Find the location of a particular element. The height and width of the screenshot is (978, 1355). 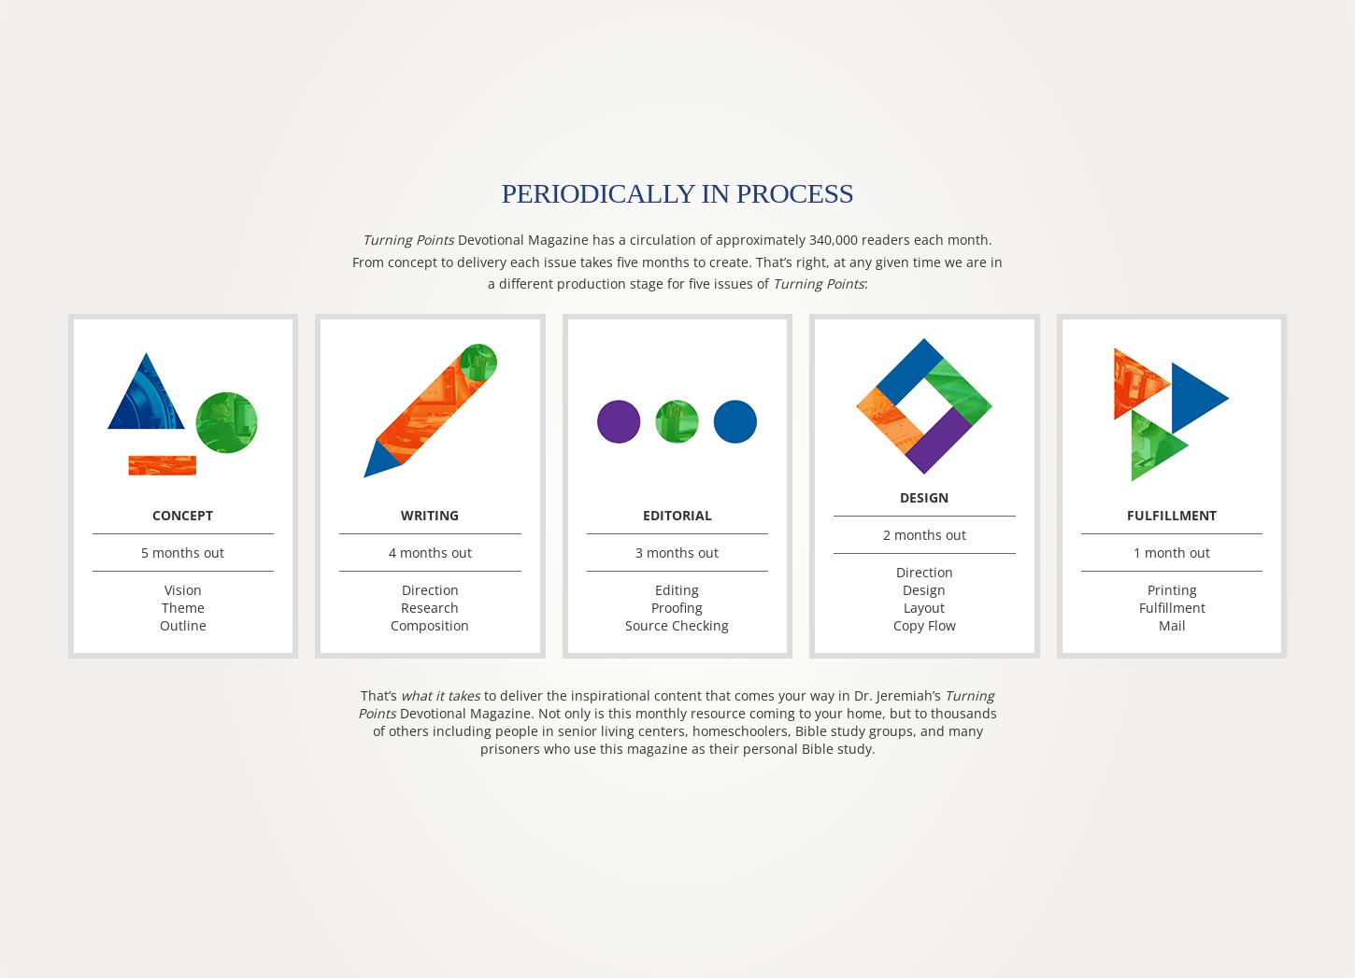

'to deliver the inspirational content that comes your way in Dr. Jeremiah’s' is located at coordinates (712, 695).